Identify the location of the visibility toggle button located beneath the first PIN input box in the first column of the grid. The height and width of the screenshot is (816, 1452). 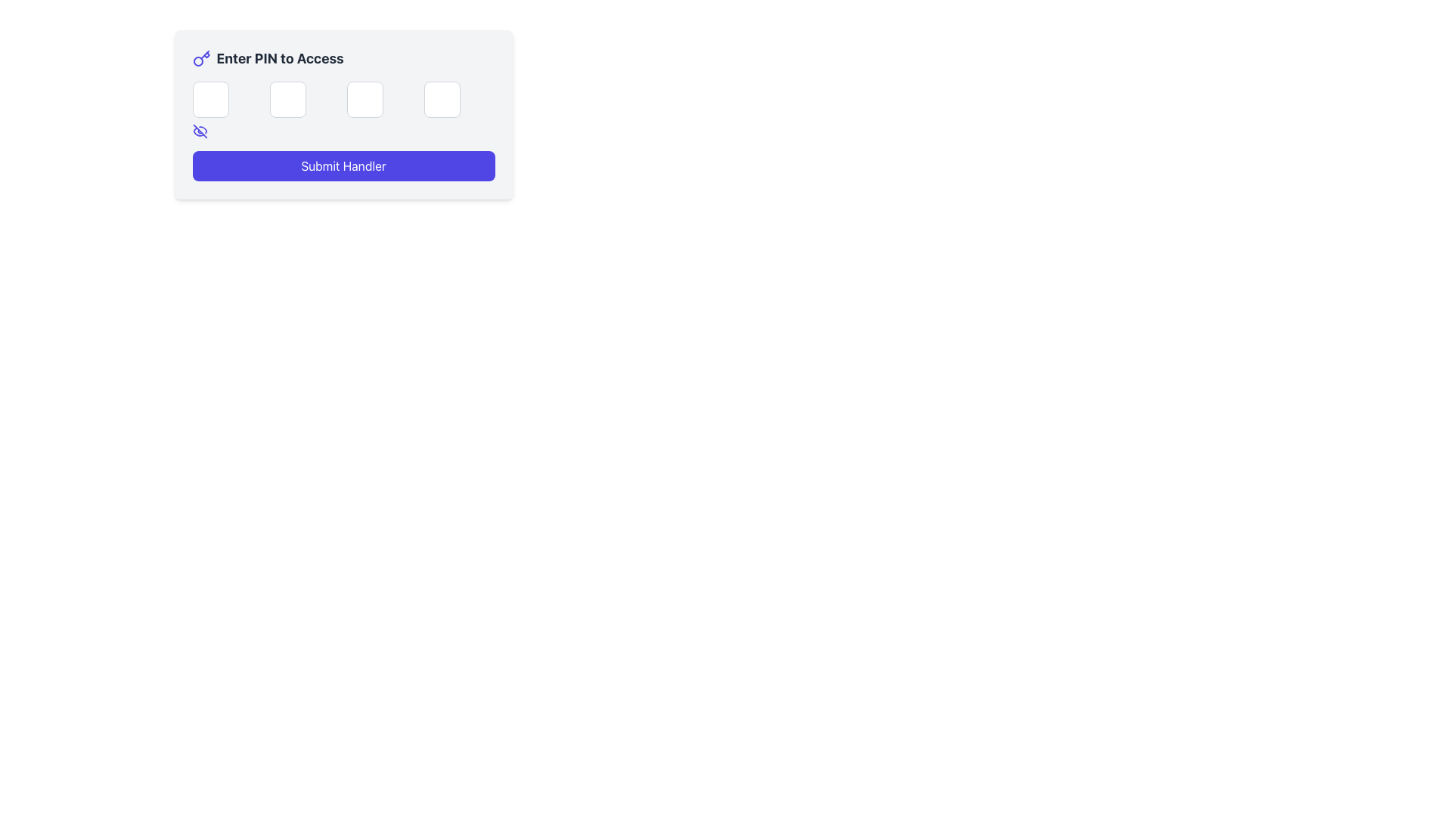
(227, 130).